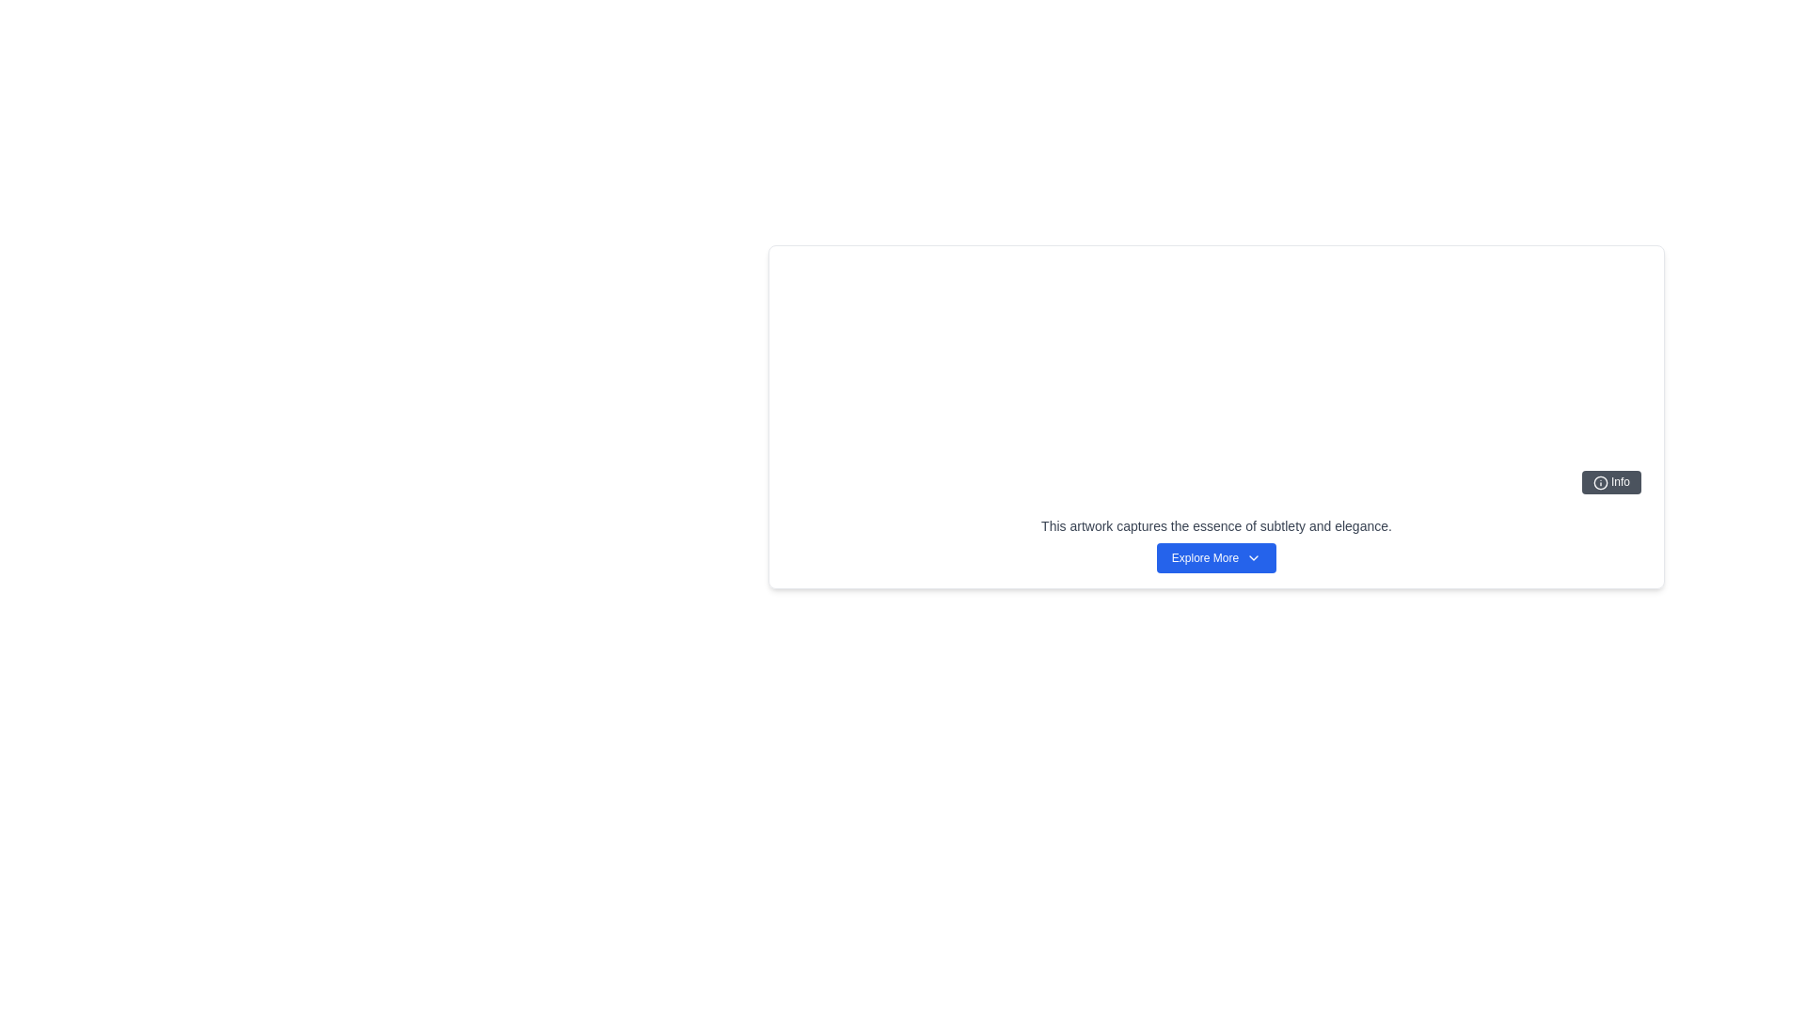 The height and width of the screenshot is (1015, 1806). I want to click on the 'Explore More' button, so click(1216, 557).